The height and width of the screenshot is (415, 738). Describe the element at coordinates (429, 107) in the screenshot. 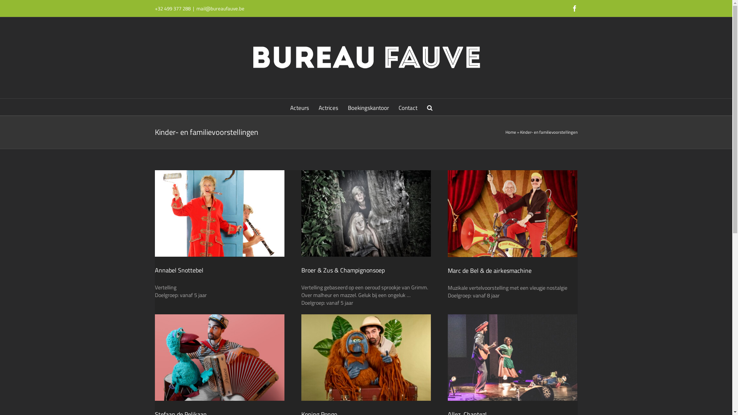

I see `'Zoeken'` at that location.